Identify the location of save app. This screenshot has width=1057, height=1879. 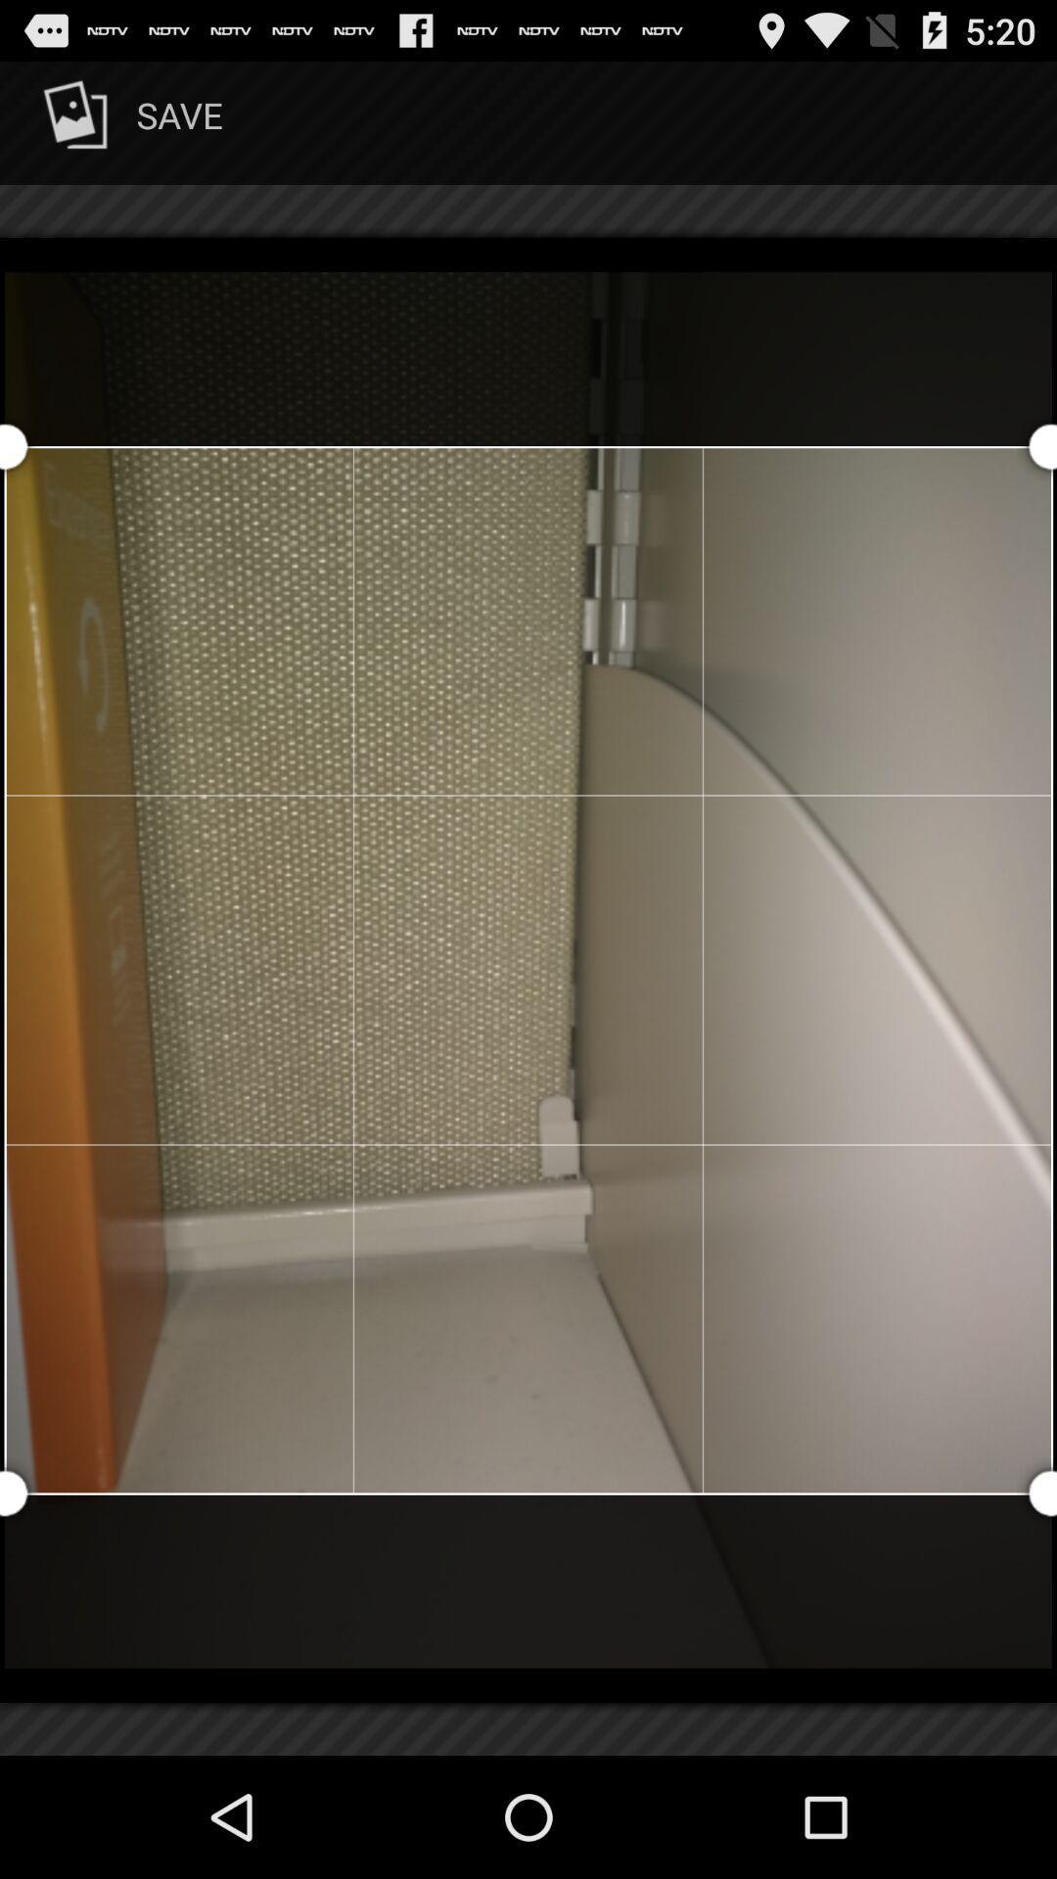
(129, 121).